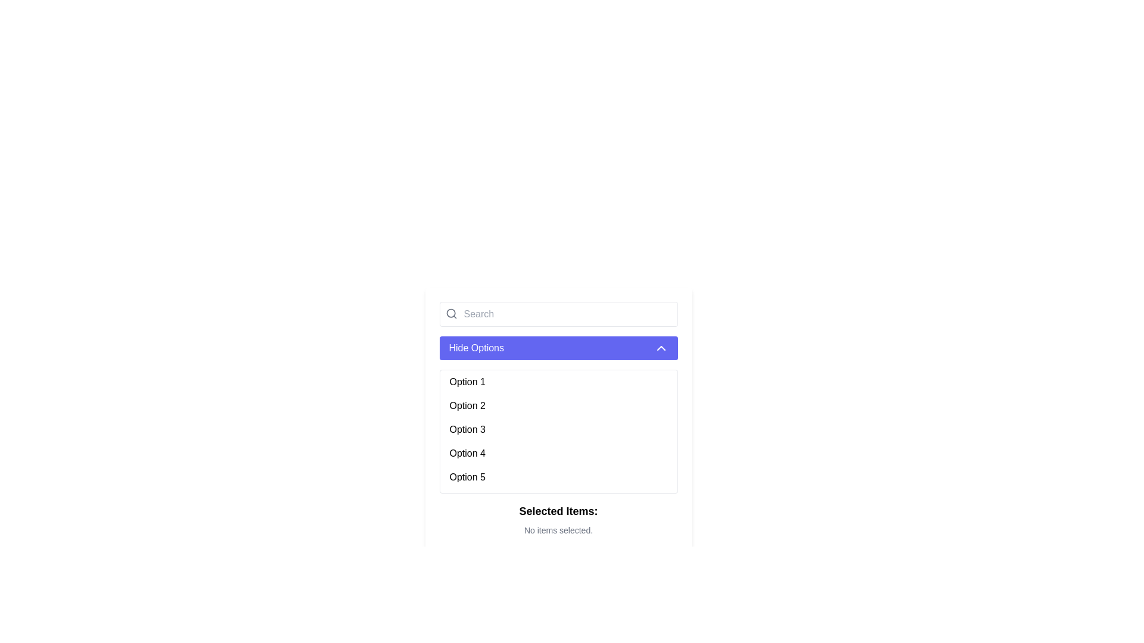  Describe the element at coordinates (450, 313) in the screenshot. I see `the magnifying glass icon located near the top-left region of the search input box to potentially reveal additional information` at that location.